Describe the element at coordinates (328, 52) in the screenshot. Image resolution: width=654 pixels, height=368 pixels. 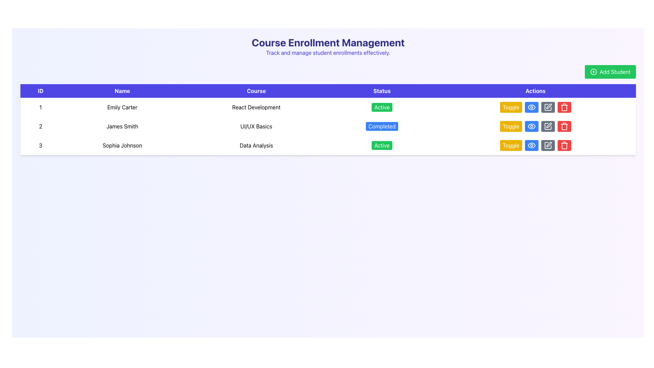
I see `the text element reading 'Track and manage student enrollments effectively' which is located directly beneath the title 'Course Enrollment Management'` at that location.